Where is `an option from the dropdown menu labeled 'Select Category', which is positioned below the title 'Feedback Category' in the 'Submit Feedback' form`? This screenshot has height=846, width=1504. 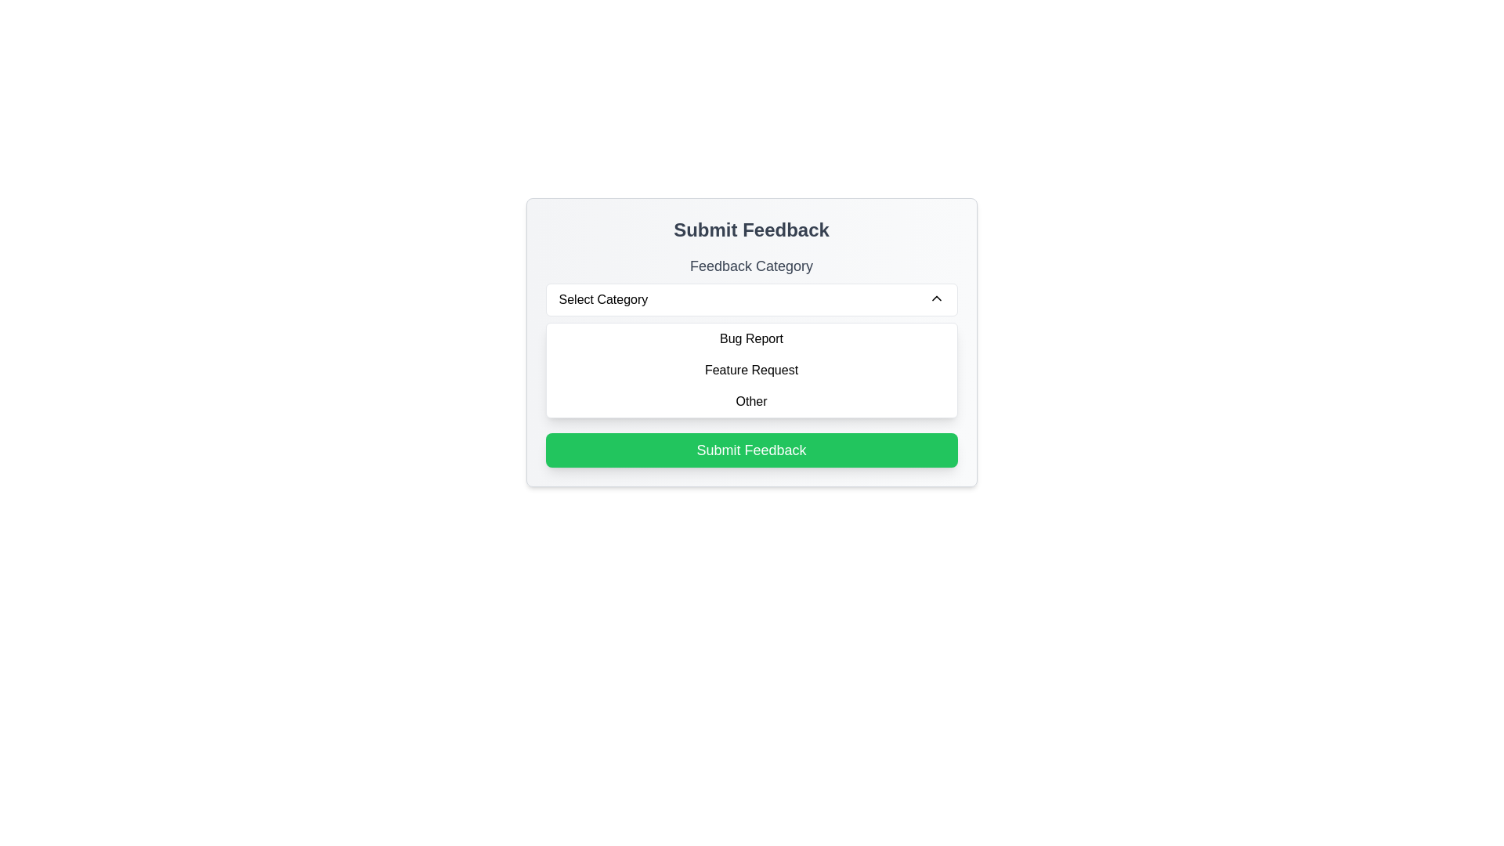
an option from the dropdown menu labeled 'Select Category', which is positioned below the title 'Feedback Category' in the 'Submit Feedback' form is located at coordinates (750, 299).